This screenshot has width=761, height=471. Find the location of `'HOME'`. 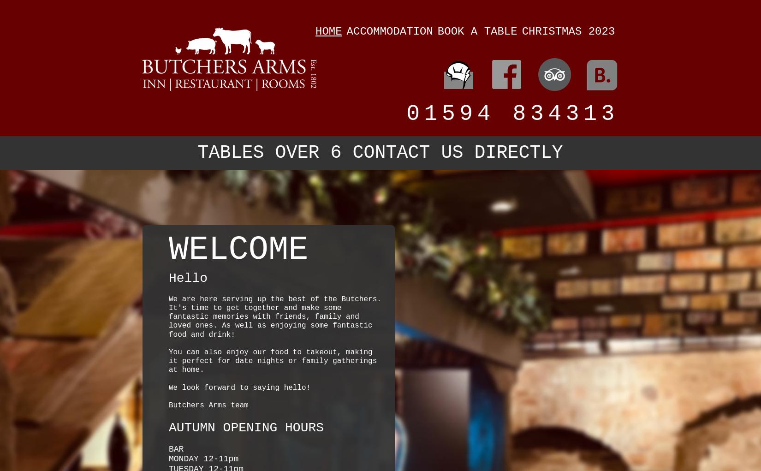

'HOME' is located at coordinates (315, 31).